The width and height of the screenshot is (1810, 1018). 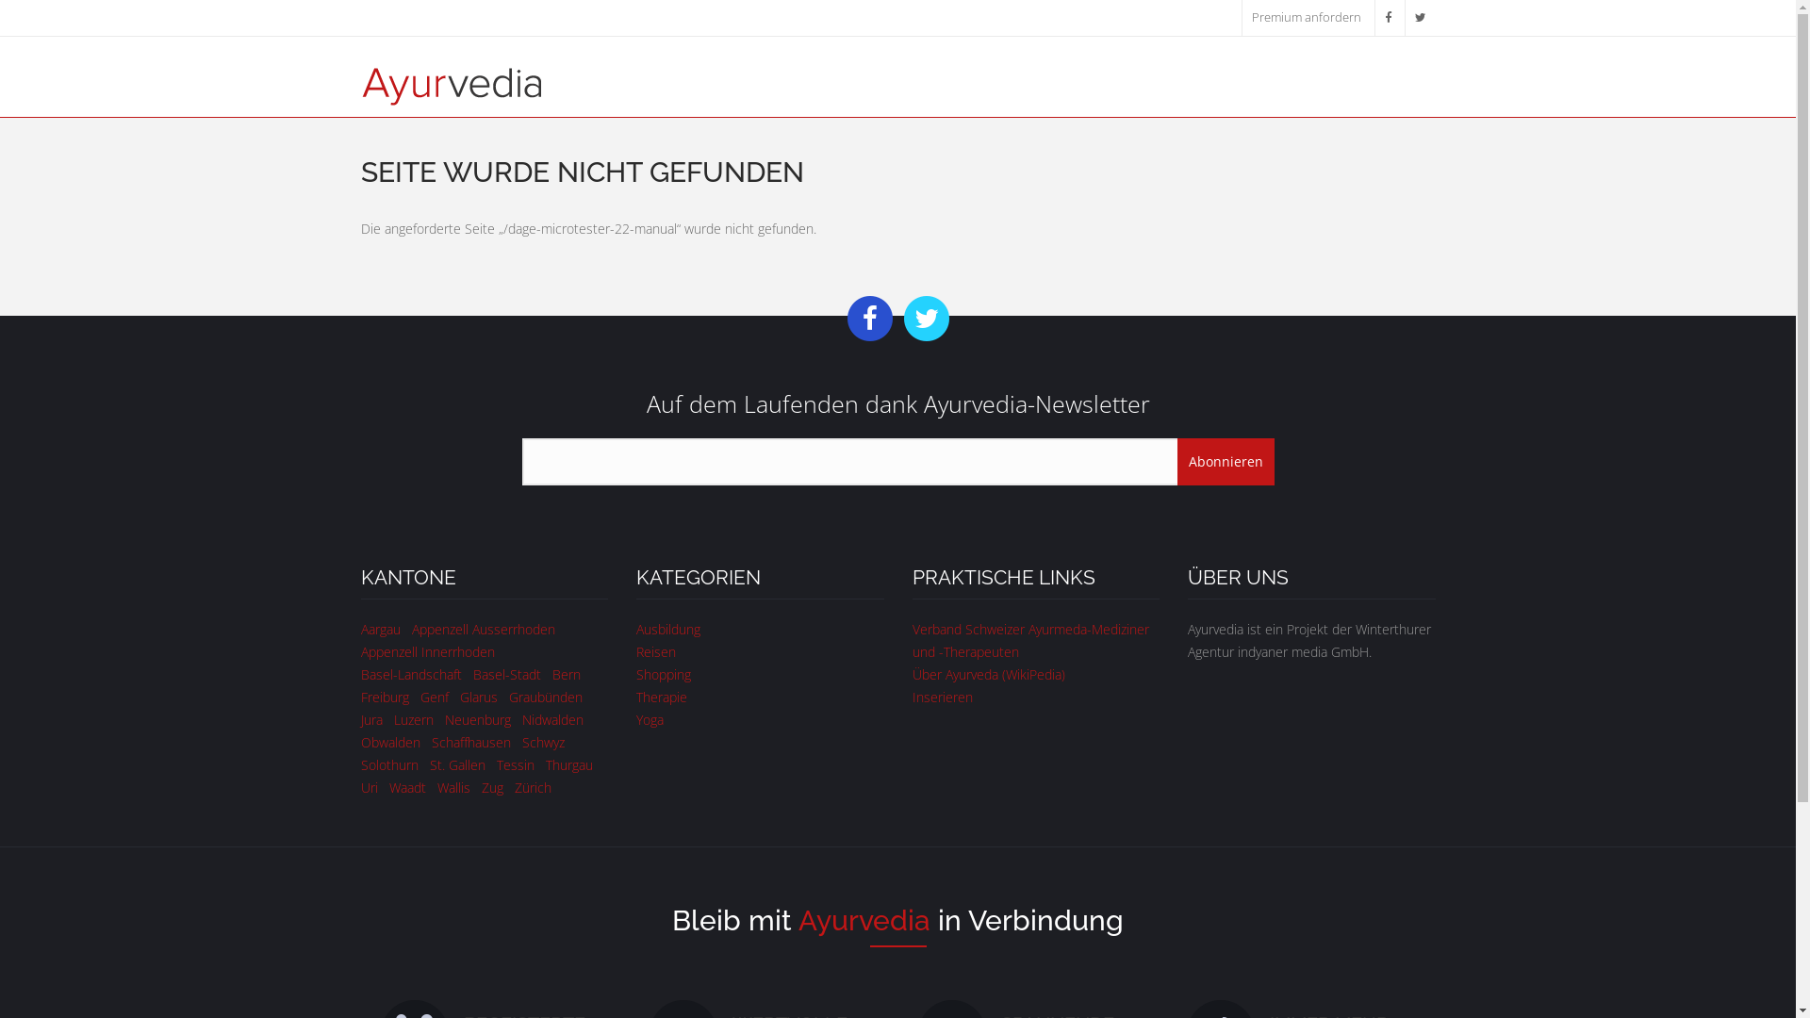 I want to click on 'Wallis', so click(x=453, y=787).